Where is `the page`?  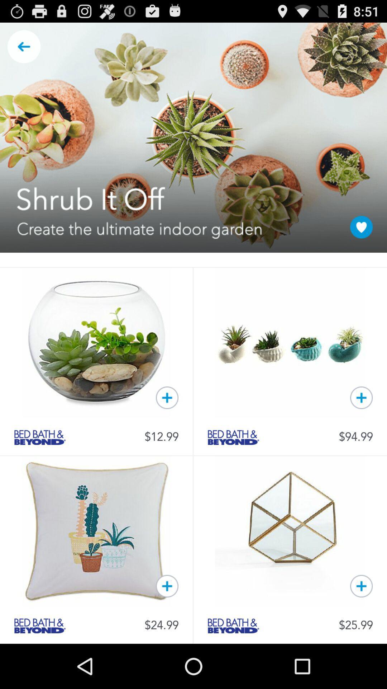 the page is located at coordinates (361, 227).